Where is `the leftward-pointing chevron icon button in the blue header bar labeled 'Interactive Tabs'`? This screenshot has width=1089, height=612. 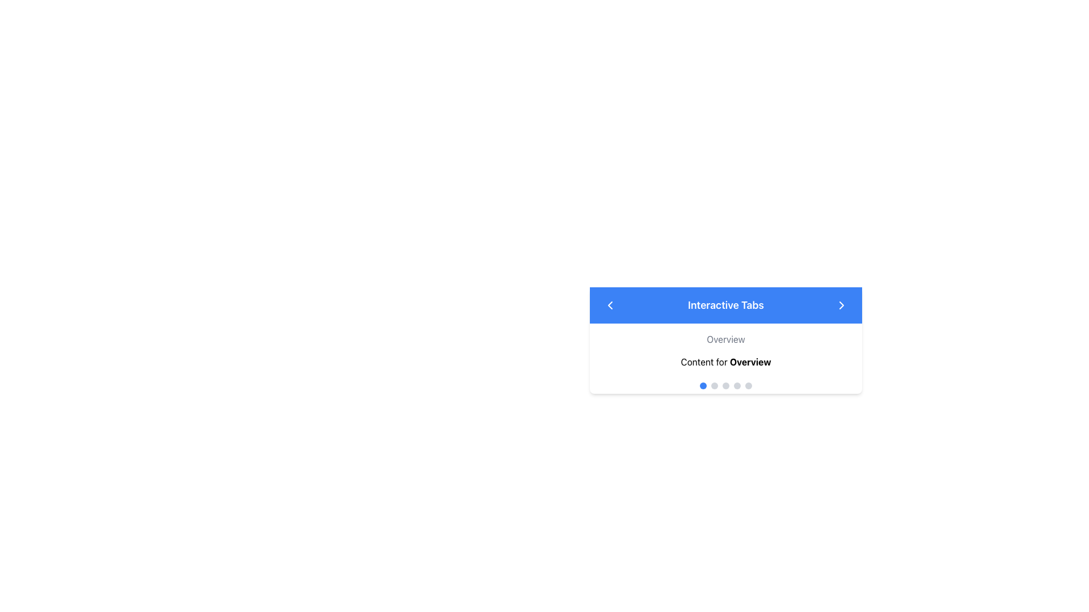 the leftward-pointing chevron icon button in the blue header bar labeled 'Interactive Tabs' is located at coordinates (609, 305).